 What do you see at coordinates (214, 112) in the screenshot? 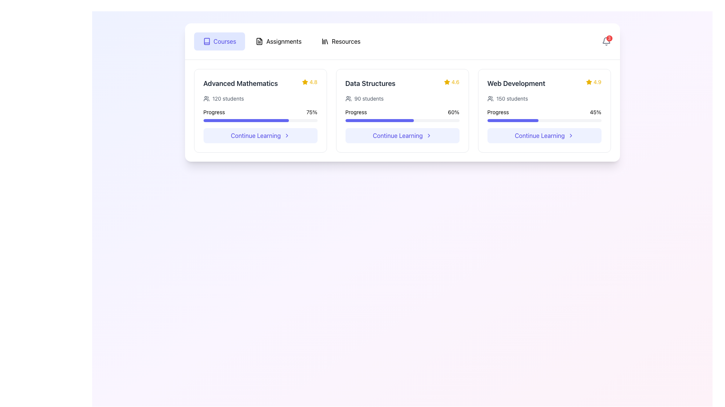
I see `the Text label that describes the progress of 'Advanced Mathematics', located near the top of the card, leftmost in the 'Progress' section` at bounding box center [214, 112].